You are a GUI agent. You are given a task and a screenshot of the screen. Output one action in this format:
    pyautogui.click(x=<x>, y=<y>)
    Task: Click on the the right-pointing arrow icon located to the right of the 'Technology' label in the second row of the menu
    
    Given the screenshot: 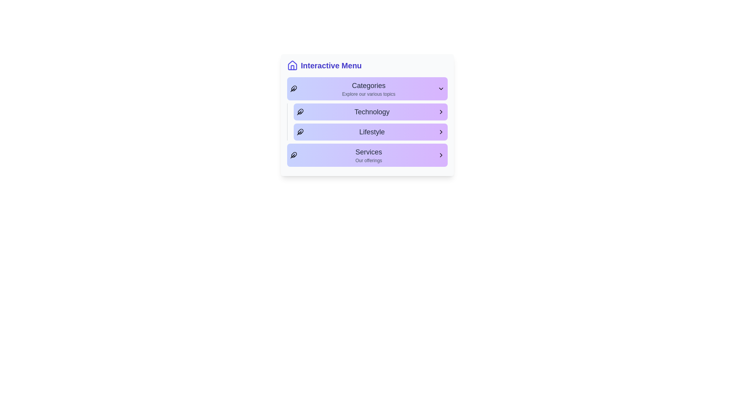 What is the action you would take?
    pyautogui.click(x=441, y=112)
    